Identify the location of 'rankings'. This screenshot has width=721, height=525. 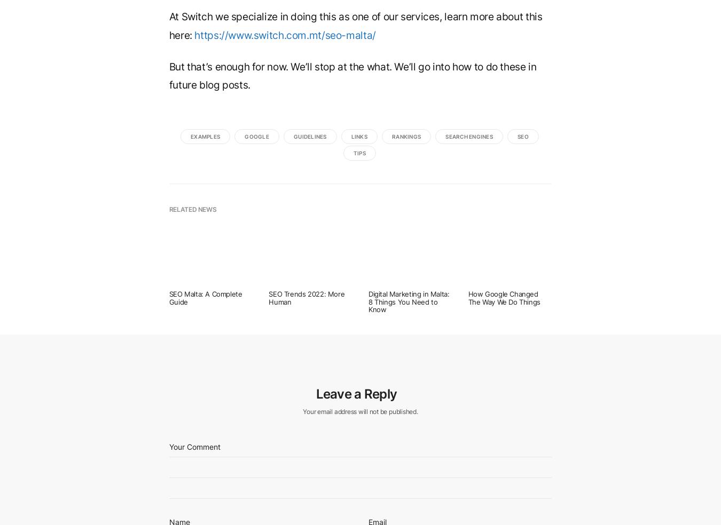
(405, 135).